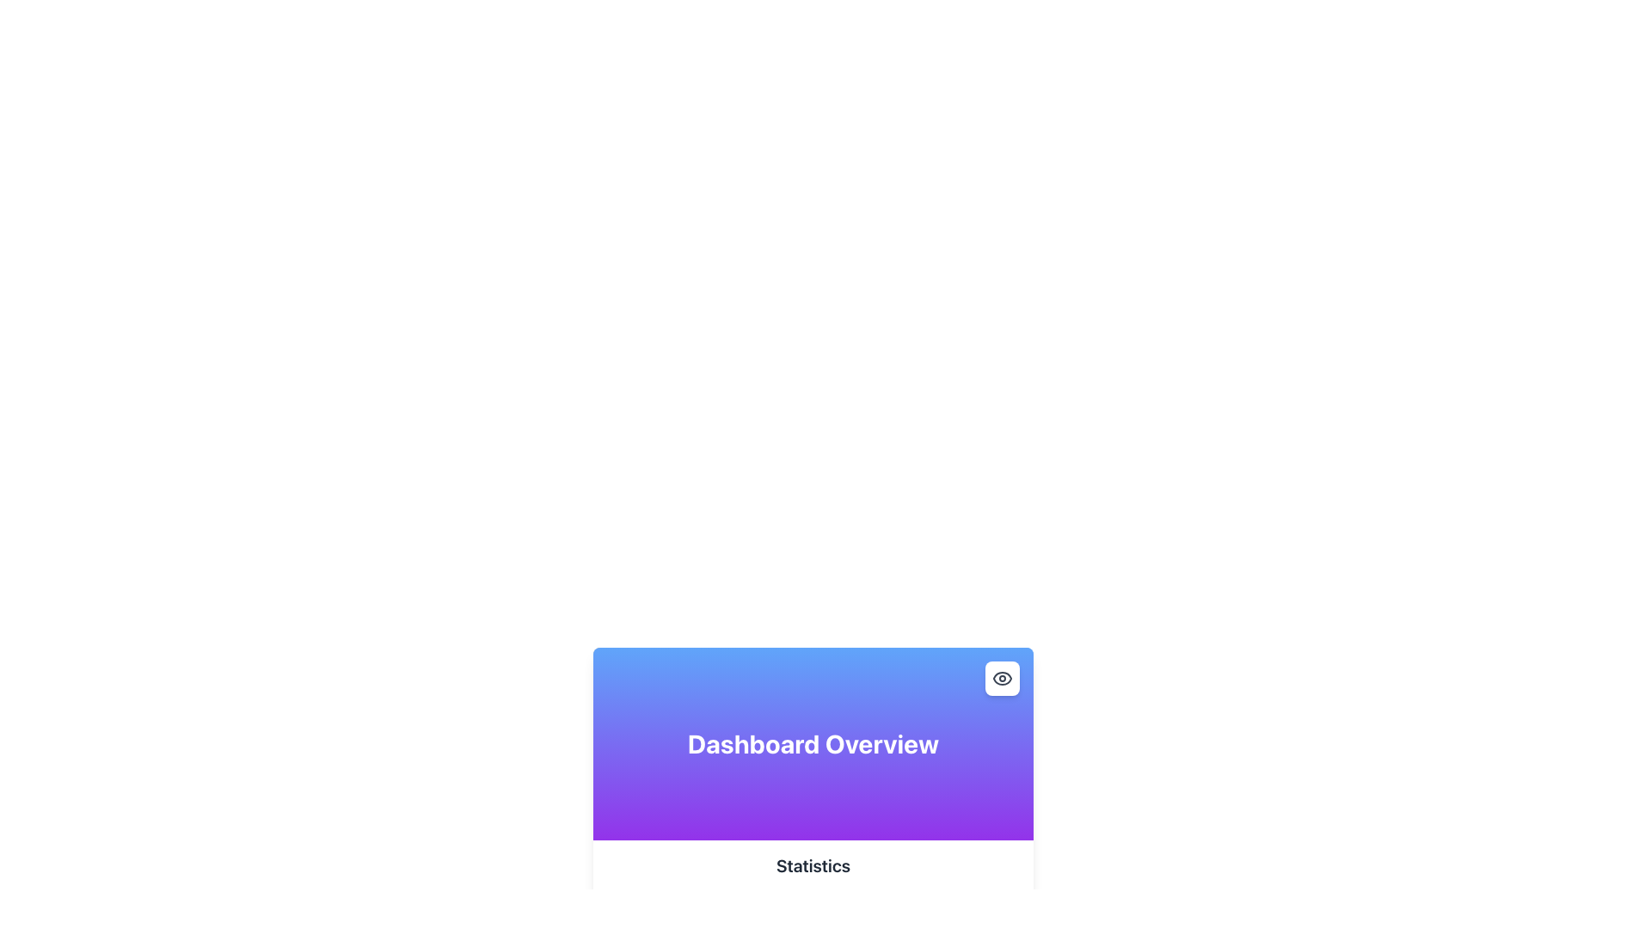  Describe the element at coordinates (812, 865) in the screenshot. I see `the section` at that location.